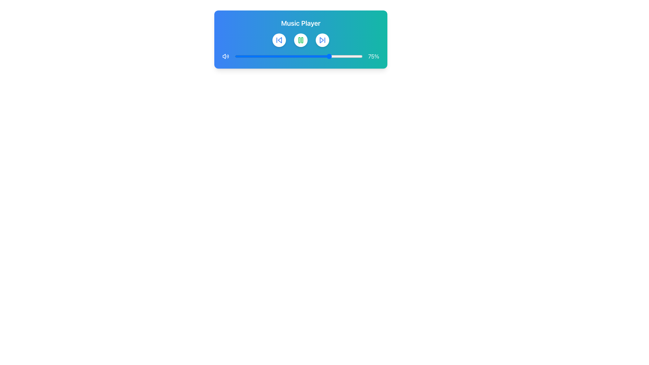 The image size is (649, 365). Describe the element at coordinates (302, 40) in the screenshot. I see `the right bar of the 'Pause' button icon, which visually represents a vertical bar used for pausing media playback` at that location.